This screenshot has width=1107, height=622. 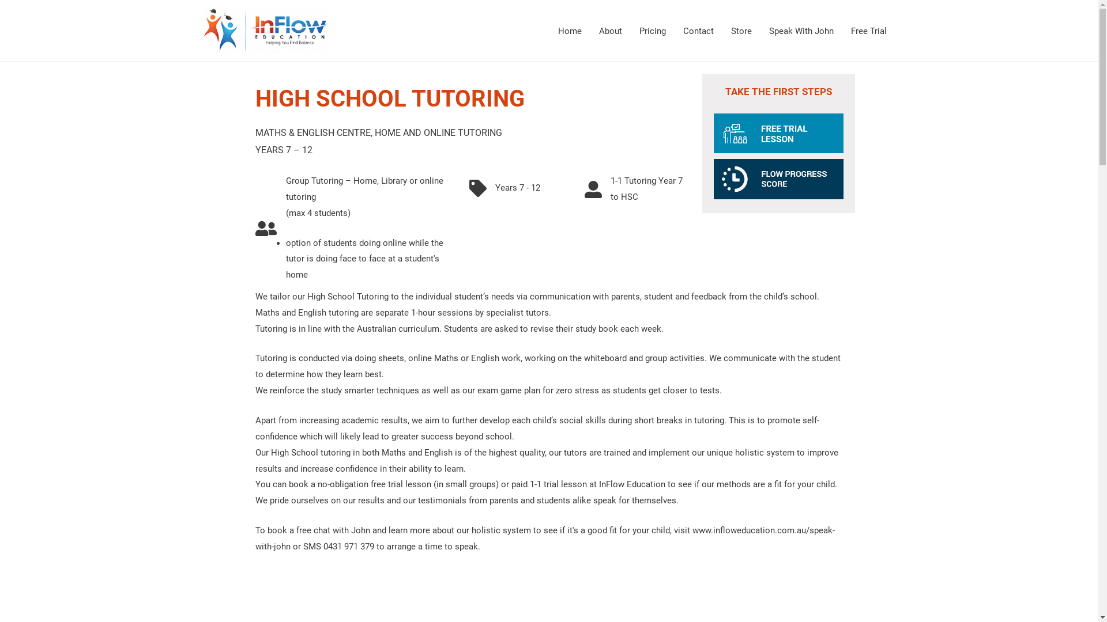 What do you see at coordinates (741, 30) in the screenshot?
I see `'Store'` at bounding box center [741, 30].